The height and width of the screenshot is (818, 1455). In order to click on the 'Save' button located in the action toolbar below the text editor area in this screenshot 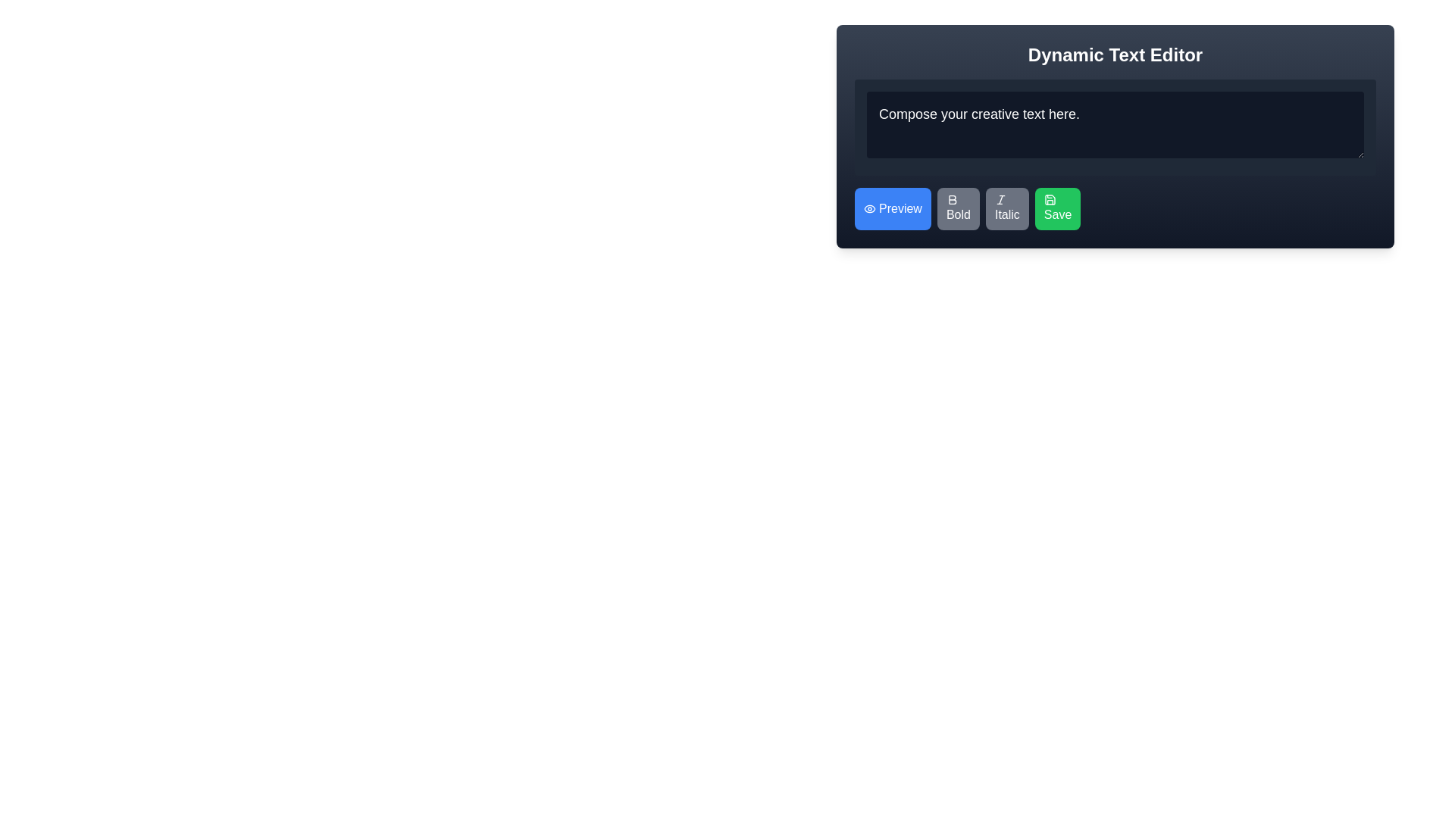, I will do `click(1049, 198)`.